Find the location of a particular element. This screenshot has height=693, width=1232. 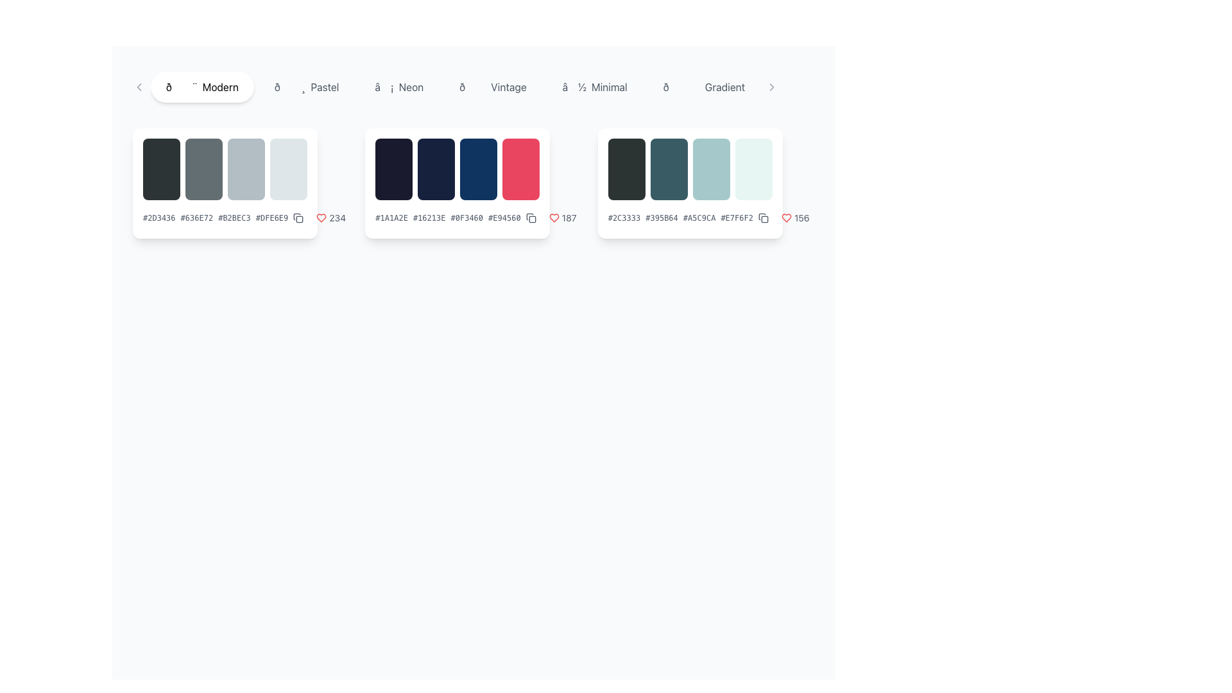

the third text label representing a hexadecimal color value, which is located in the horizontal layout group of the third color palette card in the Modern category is located at coordinates (699, 217).